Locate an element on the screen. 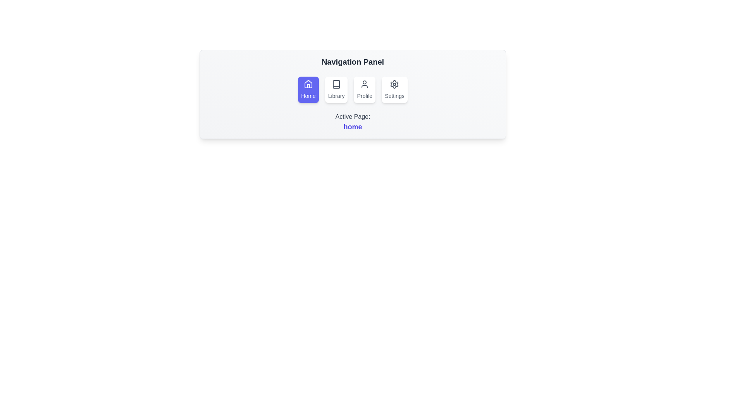 The image size is (744, 418). the small rectangular icon featuring a thin outline representation of a book, located in the 'Library' menu option above the 'Library' label text is located at coordinates (336, 84).